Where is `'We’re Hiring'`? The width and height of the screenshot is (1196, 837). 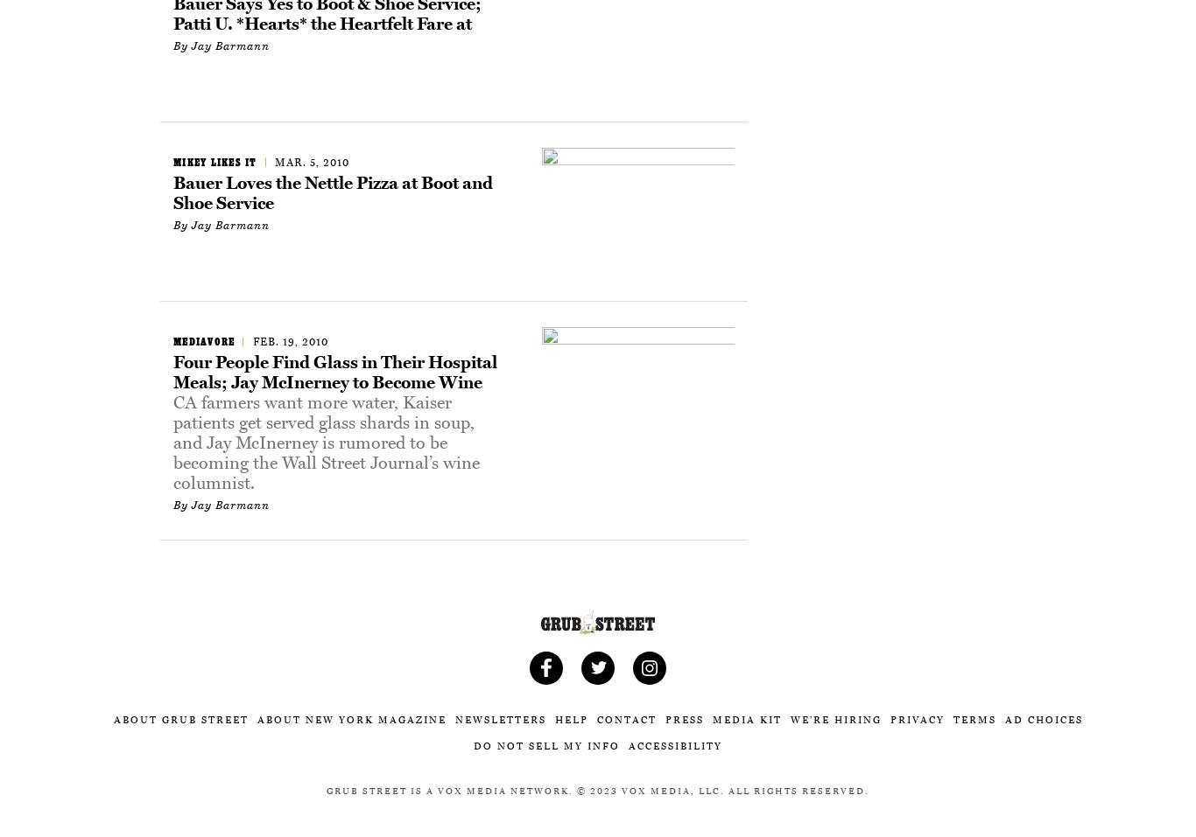
'We’re Hiring' is located at coordinates (835, 719).